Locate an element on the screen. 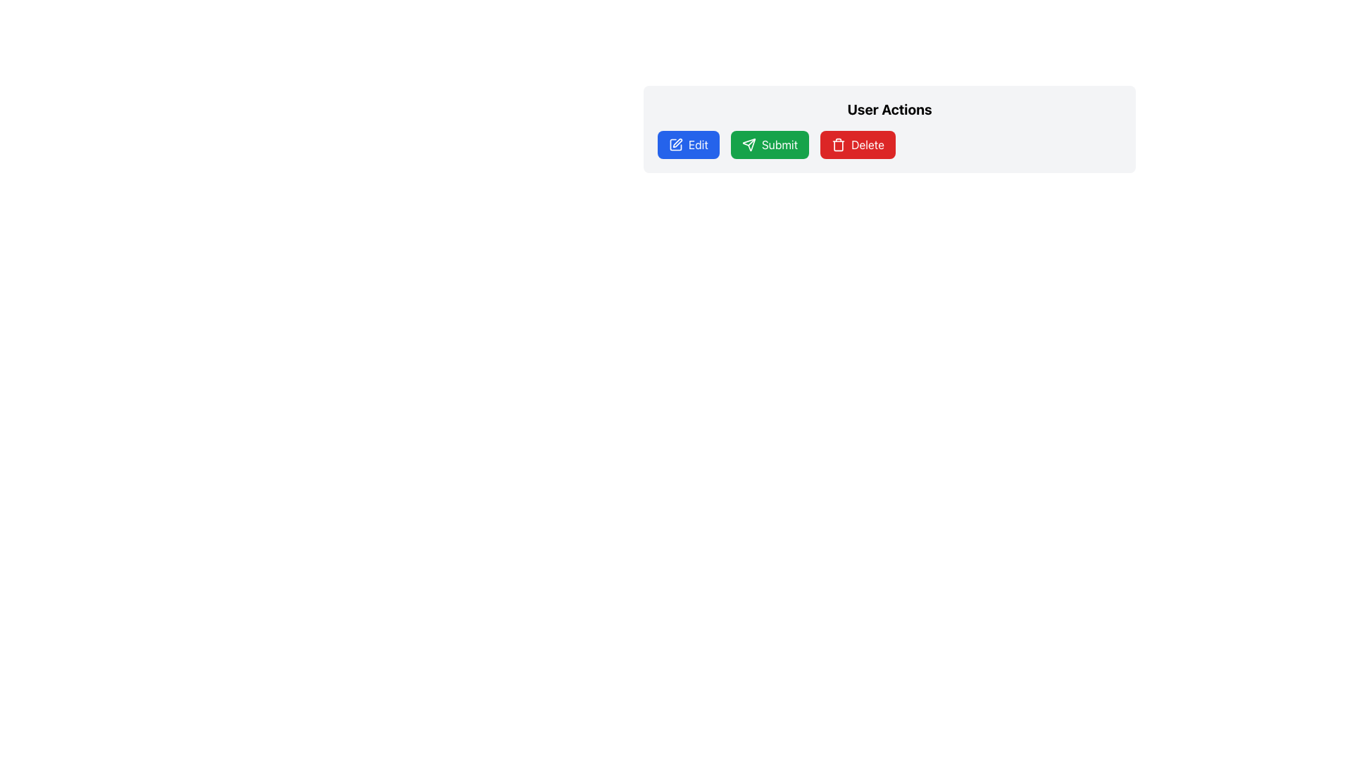 This screenshot has width=1352, height=760. the 'Submit' text label within the green button, which indicates a submission action is located at coordinates (779, 144).